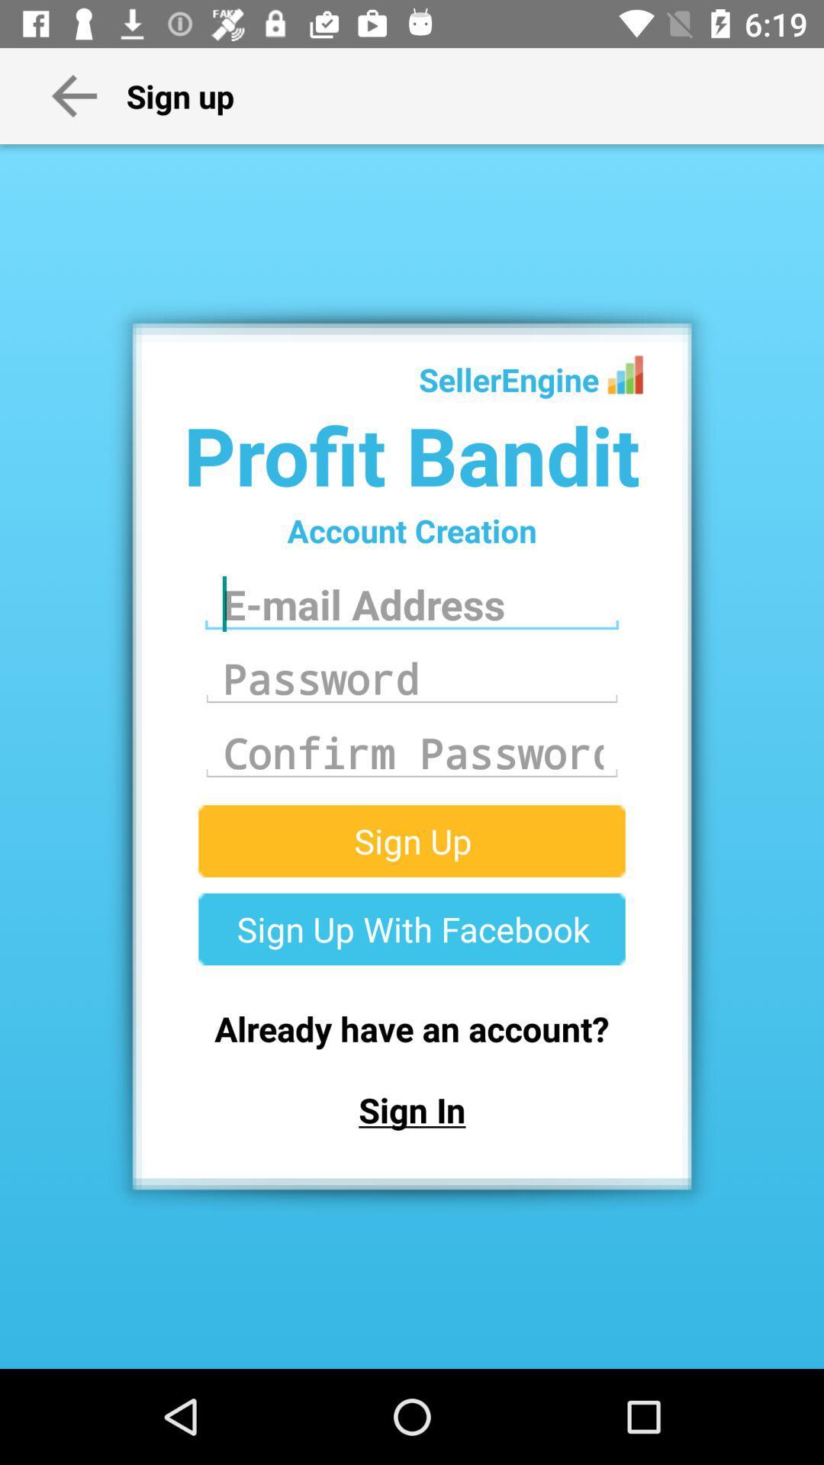  I want to click on item below already have an item, so click(412, 1109).